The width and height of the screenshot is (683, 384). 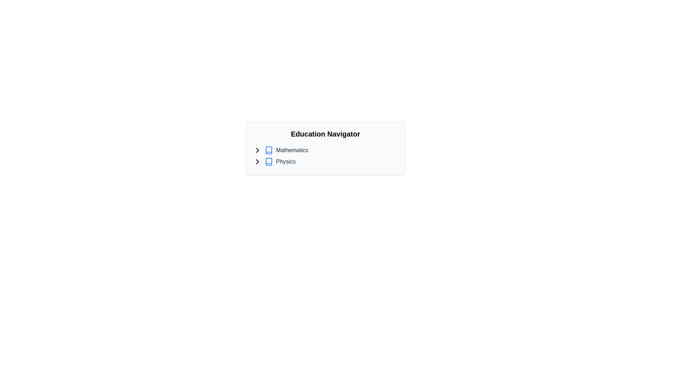 What do you see at coordinates (257, 150) in the screenshot?
I see `the right-facing chevron icon next to the checkbox and label 'Mathematics'` at bounding box center [257, 150].